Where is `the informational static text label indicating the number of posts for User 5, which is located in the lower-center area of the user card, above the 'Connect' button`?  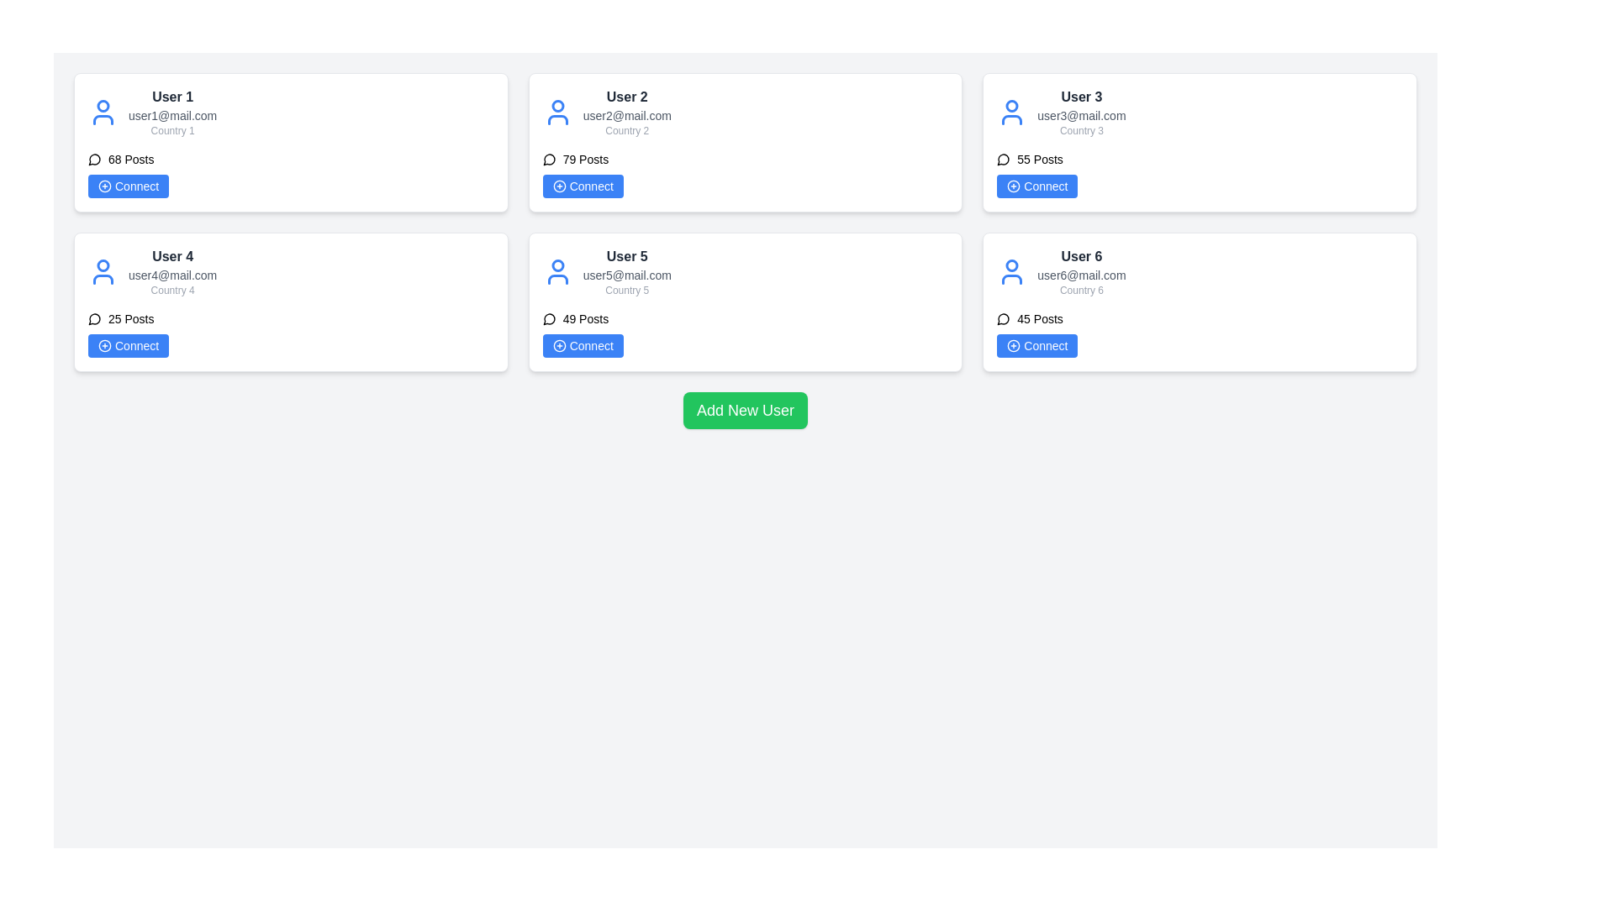
the informational static text label indicating the number of posts for User 5, which is located in the lower-center area of the user card, above the 'Connect' button is located at coordinates (585, 319).